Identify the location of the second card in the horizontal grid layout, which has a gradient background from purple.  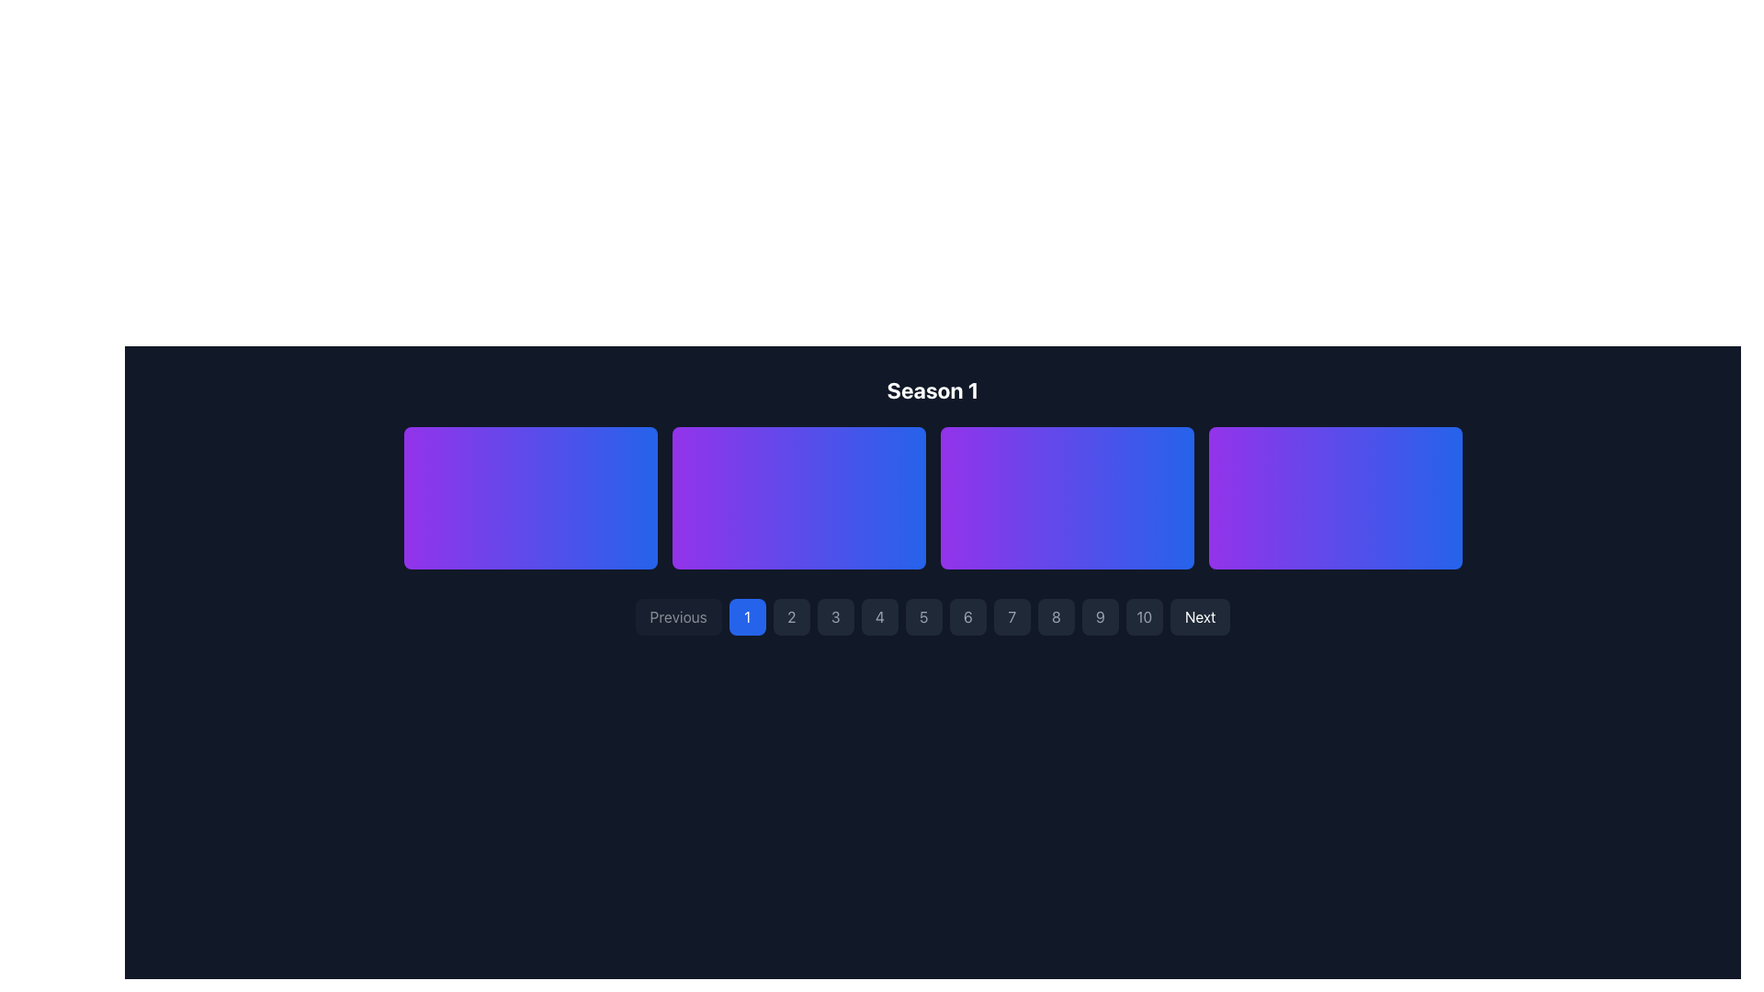
(798, 498).